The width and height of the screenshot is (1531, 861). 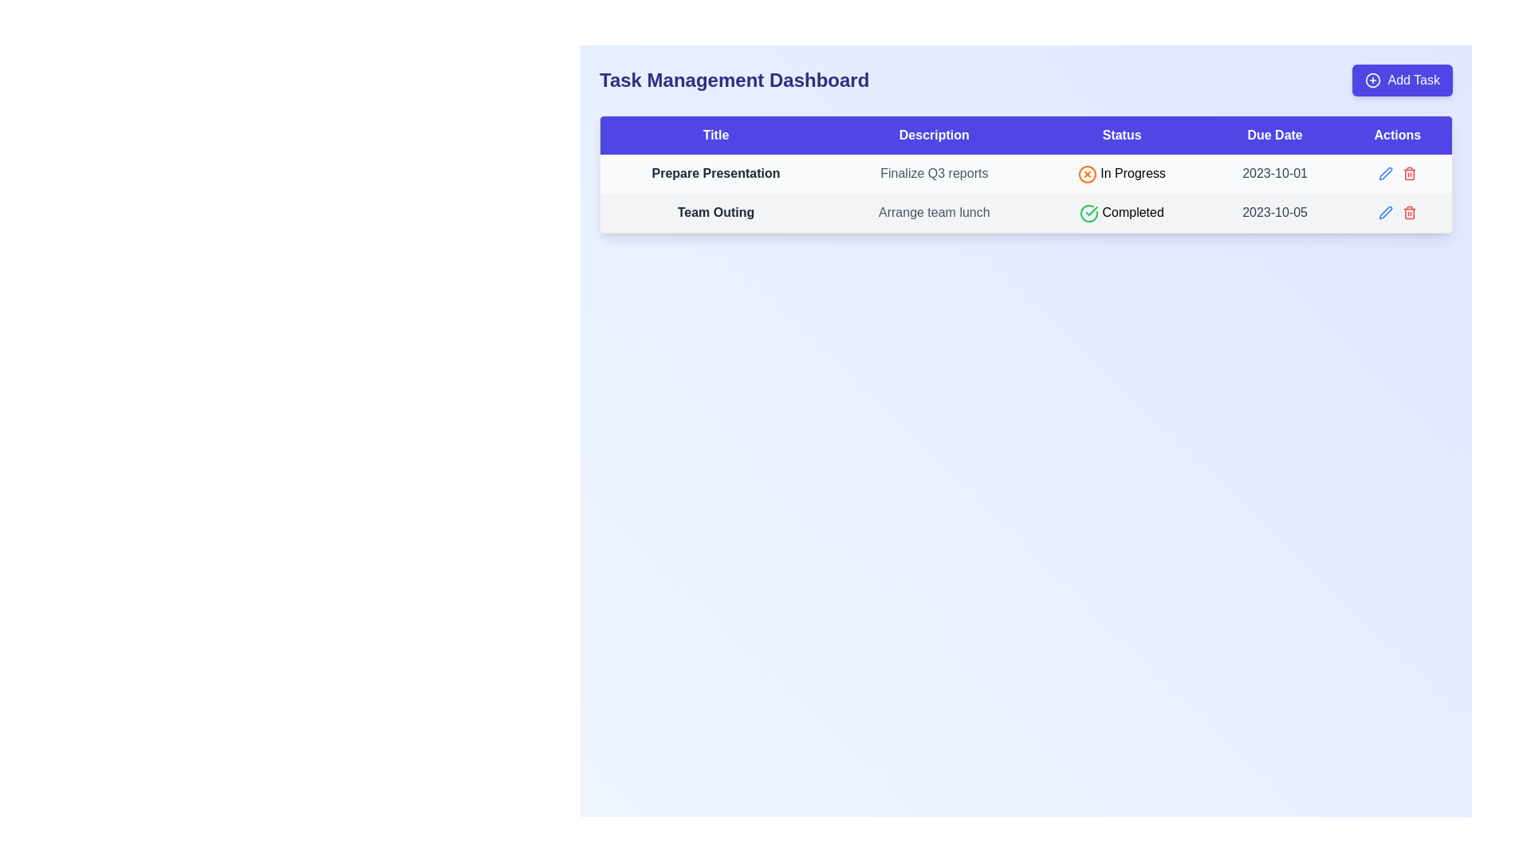 I want to click on the static text display that represents the due date of a task in the first row of the task management dashboard's data table, located in the fourth column labeled 'Due Date', so click(x=1274, y=174).